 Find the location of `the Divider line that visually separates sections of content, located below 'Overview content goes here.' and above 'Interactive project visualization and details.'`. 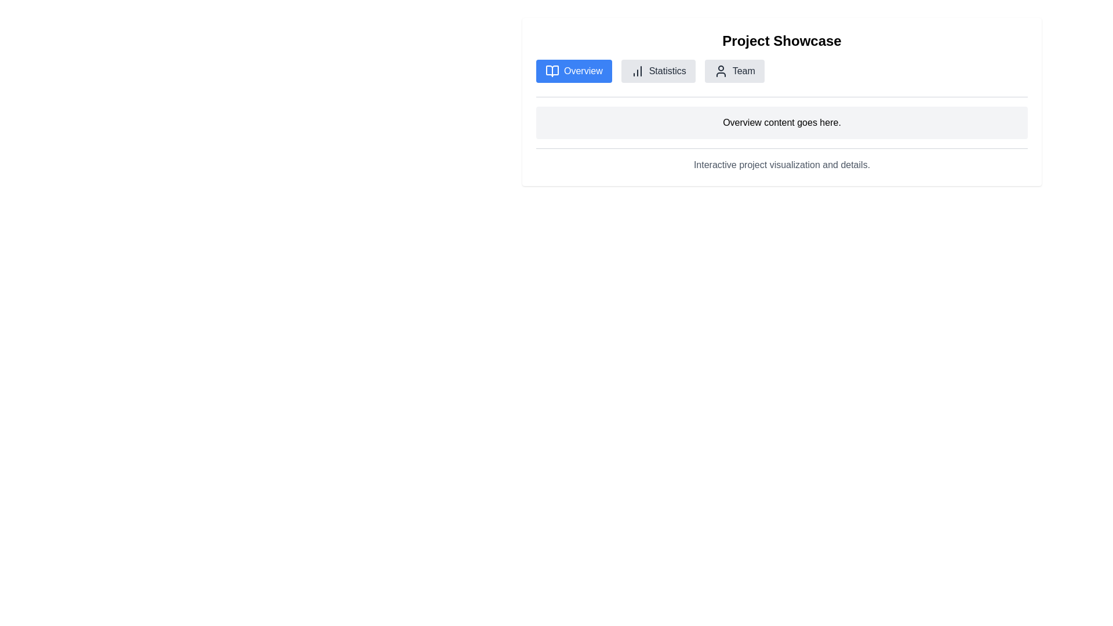

the Divider line that visually separates sections of content, located below 'Overview content goes here.' and above 'Interactive project visualization and details.' is located at coordinates (781, 148).